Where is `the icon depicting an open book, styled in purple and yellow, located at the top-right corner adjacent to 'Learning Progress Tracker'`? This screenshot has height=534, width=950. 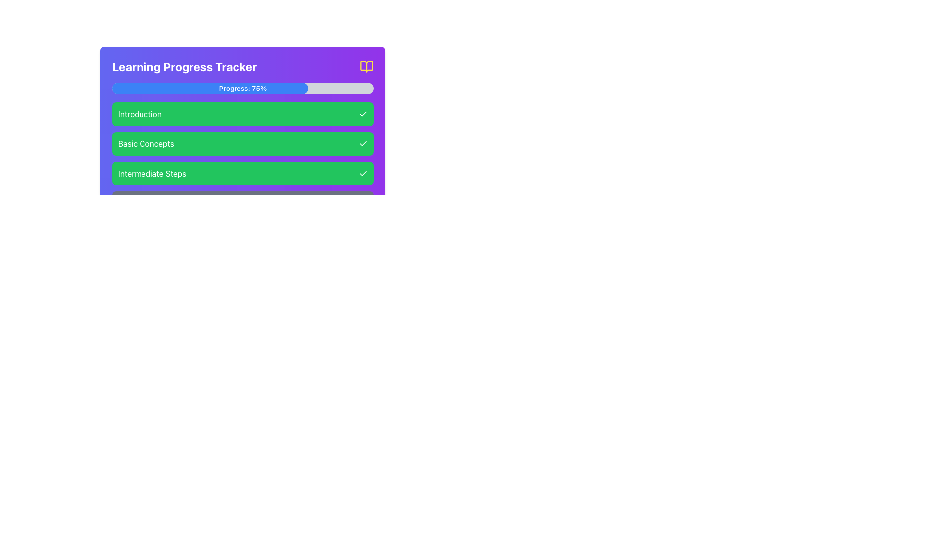
the icon depicting an open book, styled in purple and yellow, located at the top-right corner adjacent to 'Learning Progress Tracker' is located at coordinates (366, 67).